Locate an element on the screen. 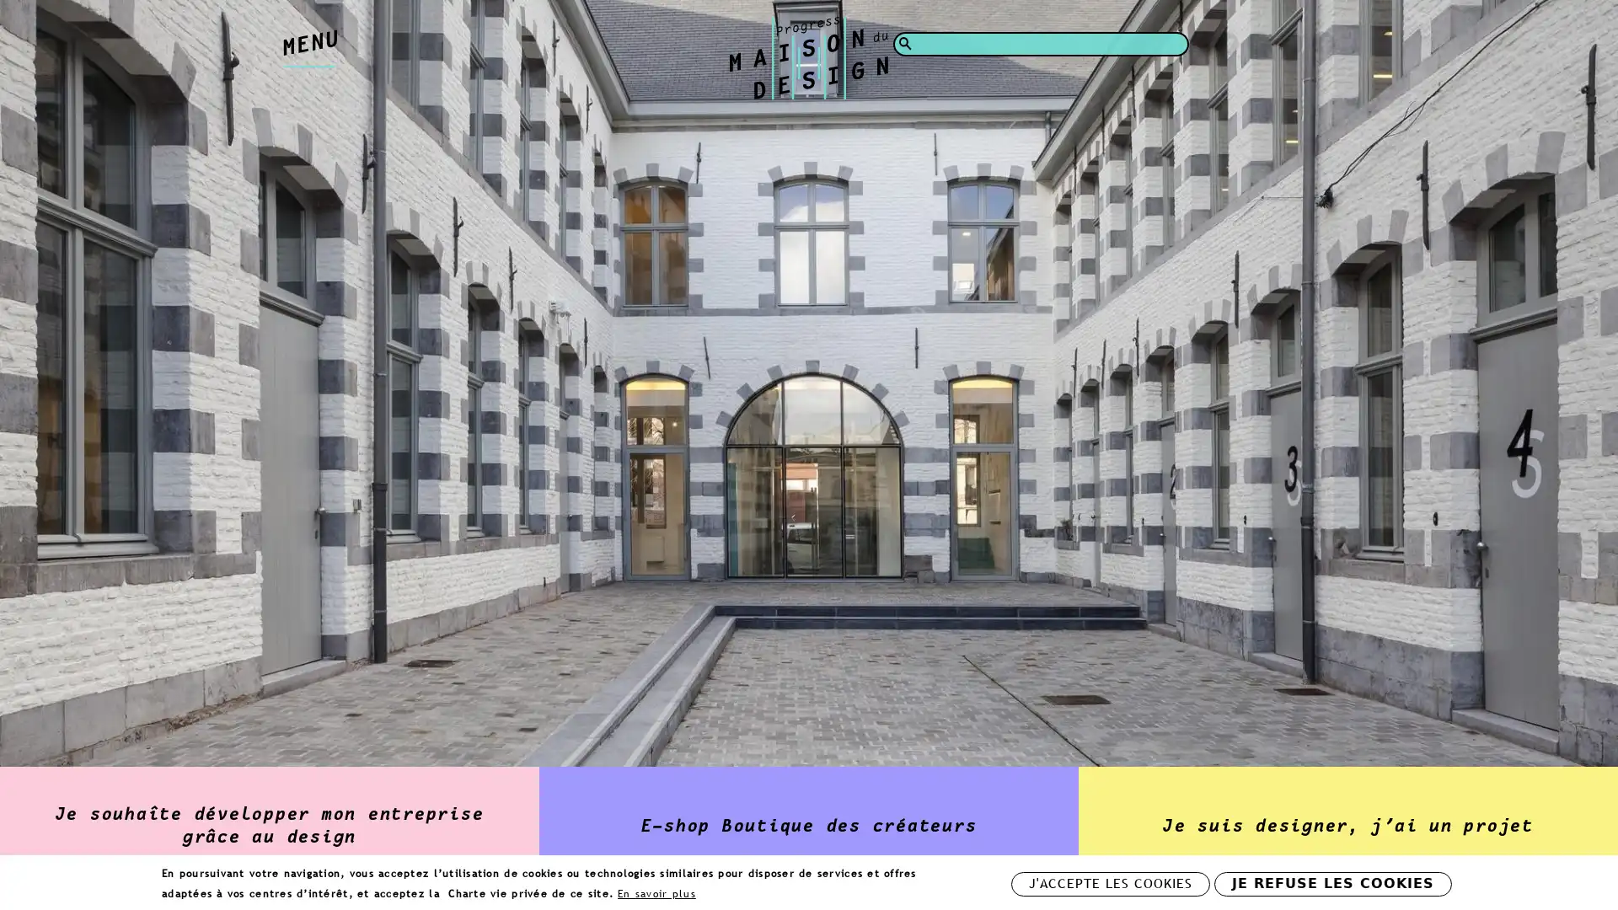 The image size is (1618, 910). JE REFUSE LES COOKIES is located at coordinates (1332, 883).